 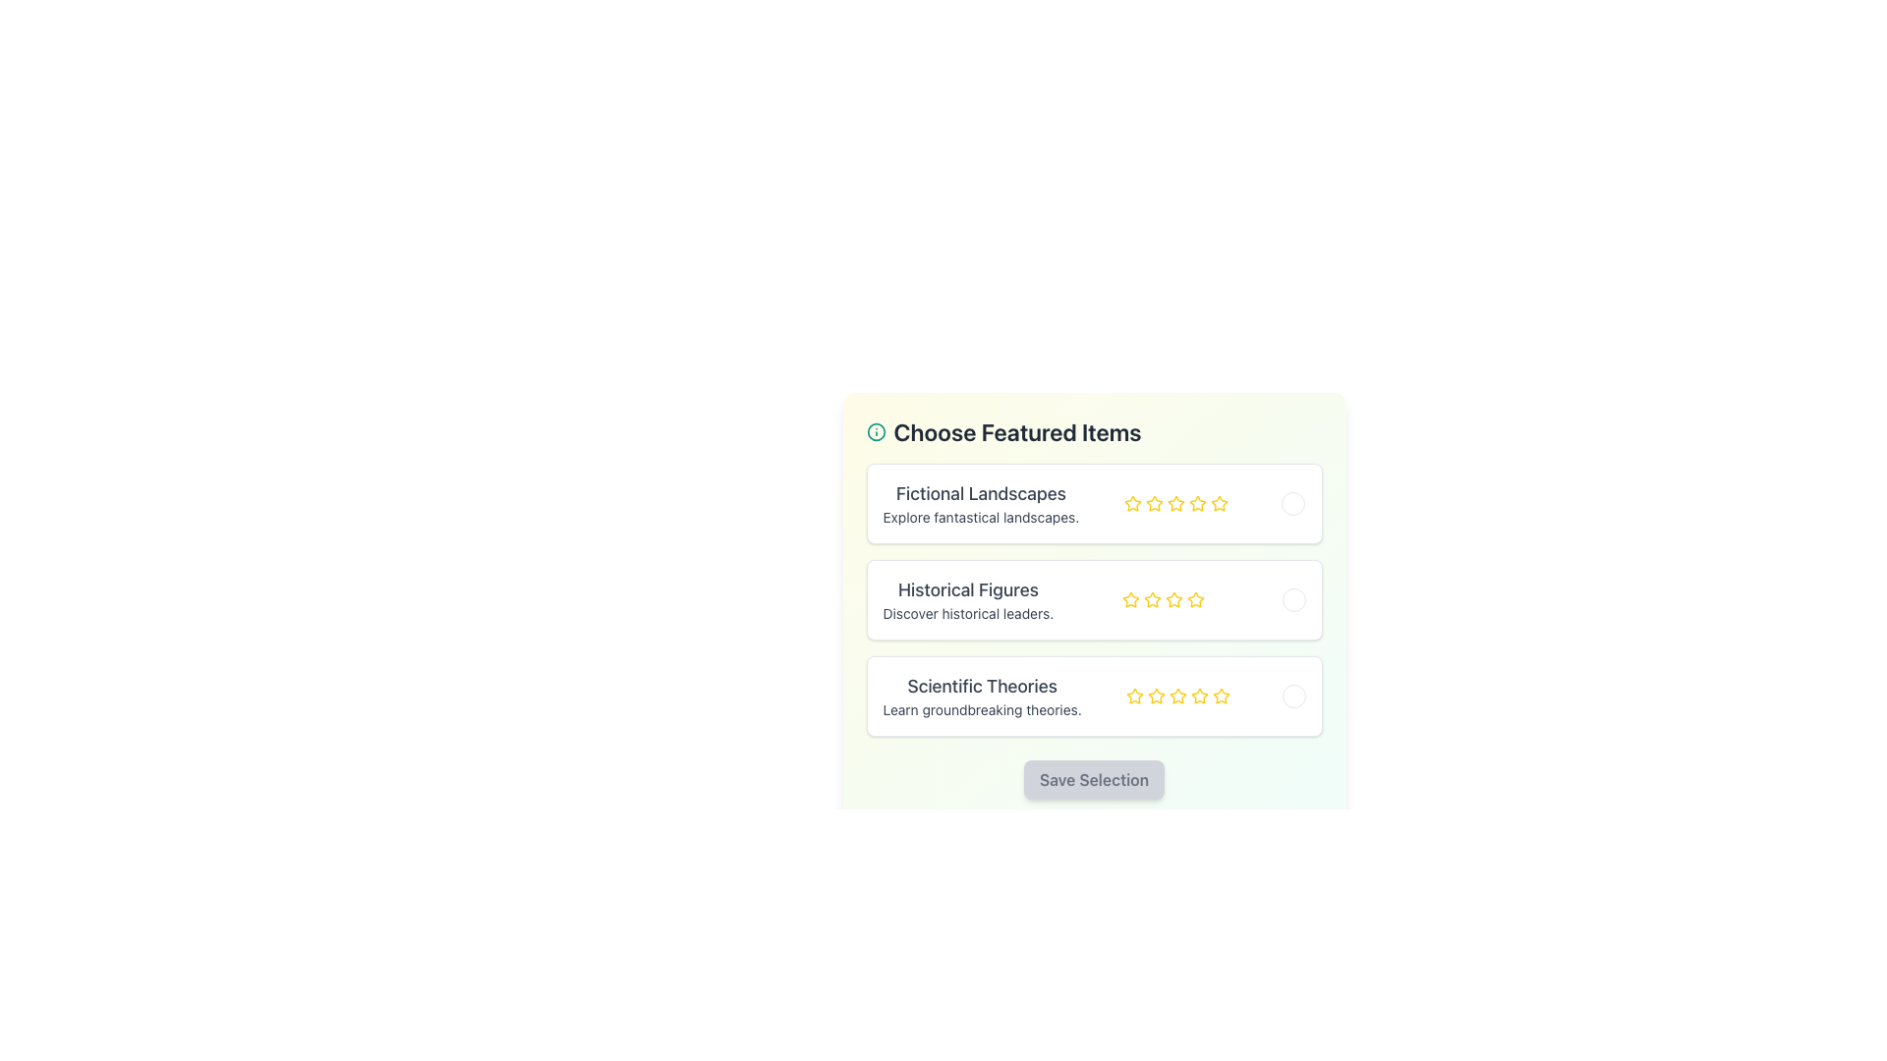 What do you see at coordinates (1176, 503) in the screenshot?
I see `the fifth star icon in the rating system for the 'Fictional Landscapes' option` at bounding box center [1176, 503].